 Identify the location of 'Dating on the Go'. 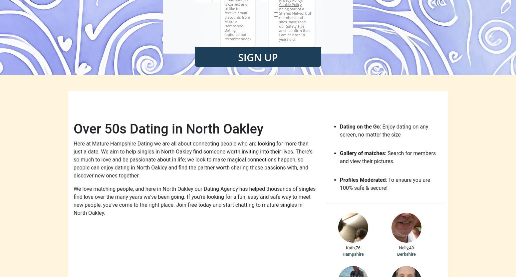
(360, 126).